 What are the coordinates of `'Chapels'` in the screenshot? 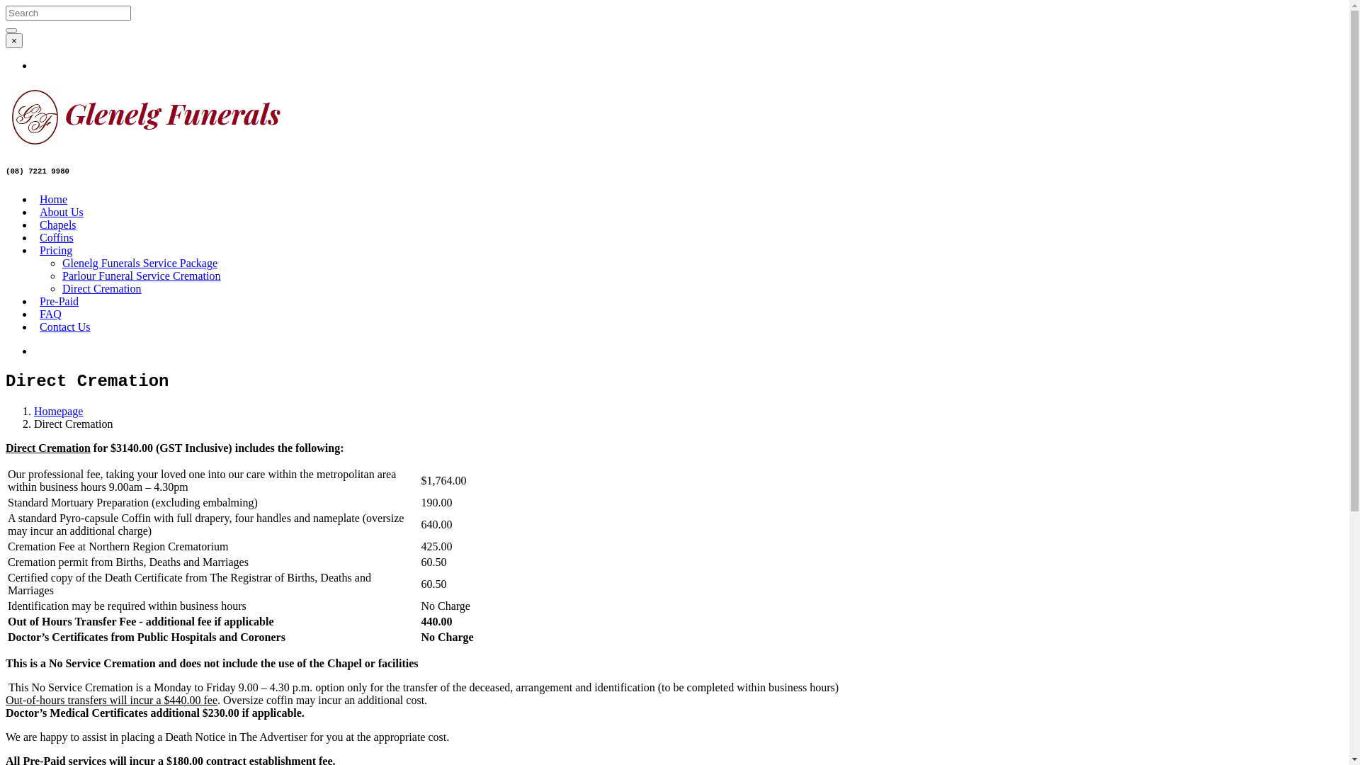 It's located at (57, 224).